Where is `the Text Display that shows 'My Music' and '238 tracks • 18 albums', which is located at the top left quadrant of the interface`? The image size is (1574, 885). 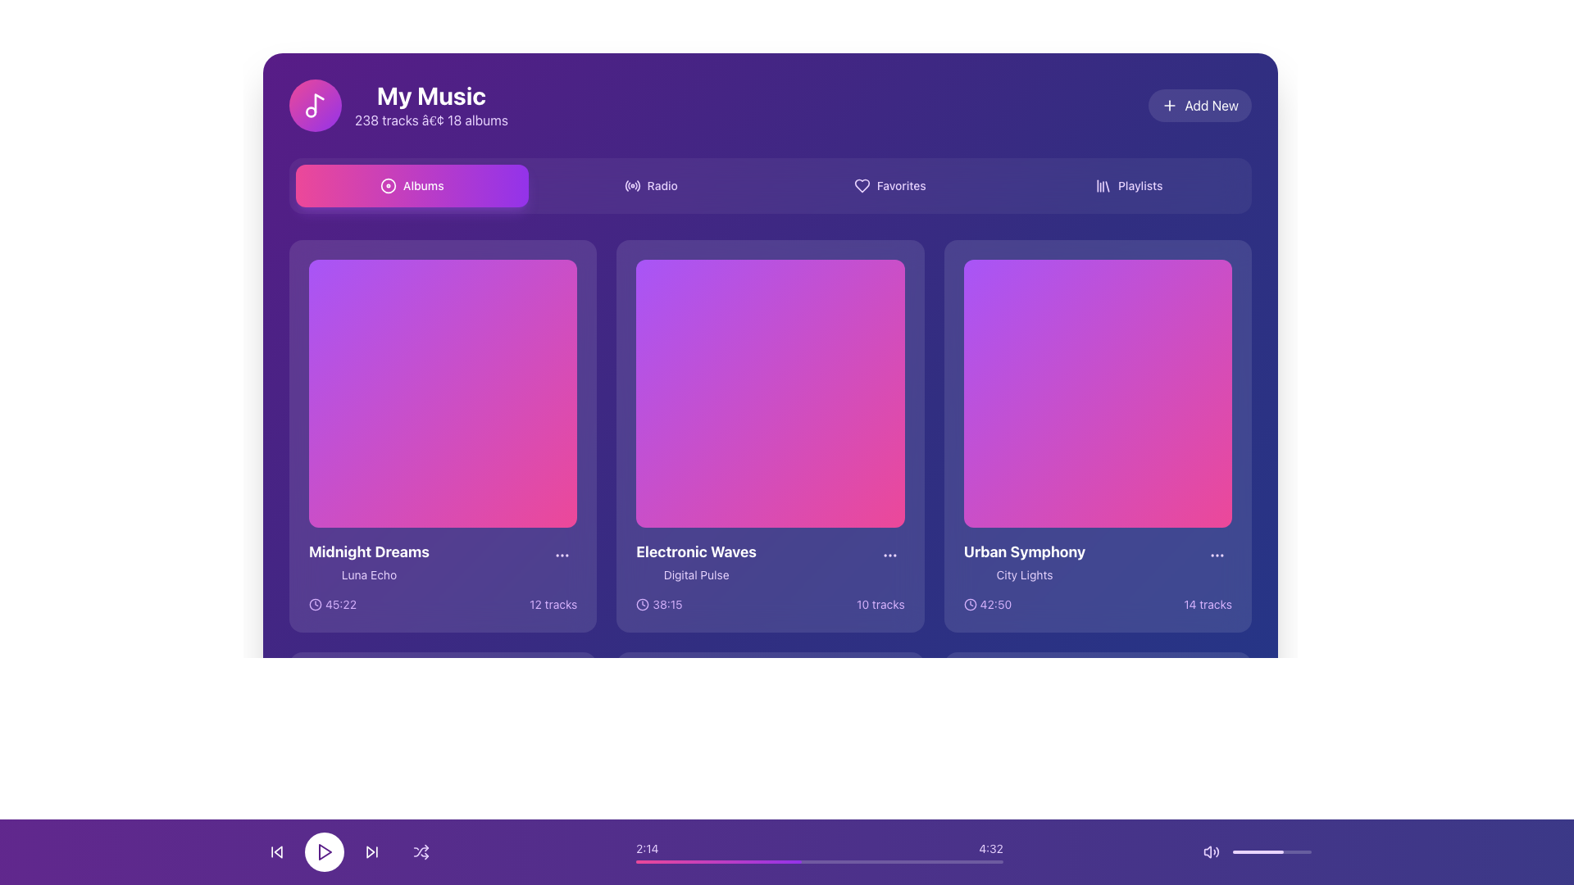 the Text Display that shows 'My Music' and '238 tracks • 18 albums', which is located at the top left quadrant of the interface is located at coordinates (431, 105).